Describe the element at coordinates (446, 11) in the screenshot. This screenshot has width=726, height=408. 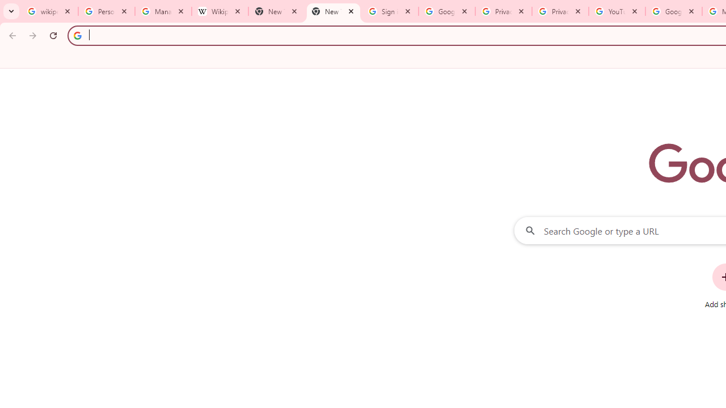
I see `'Google Drive: Sign-in'` at that location.